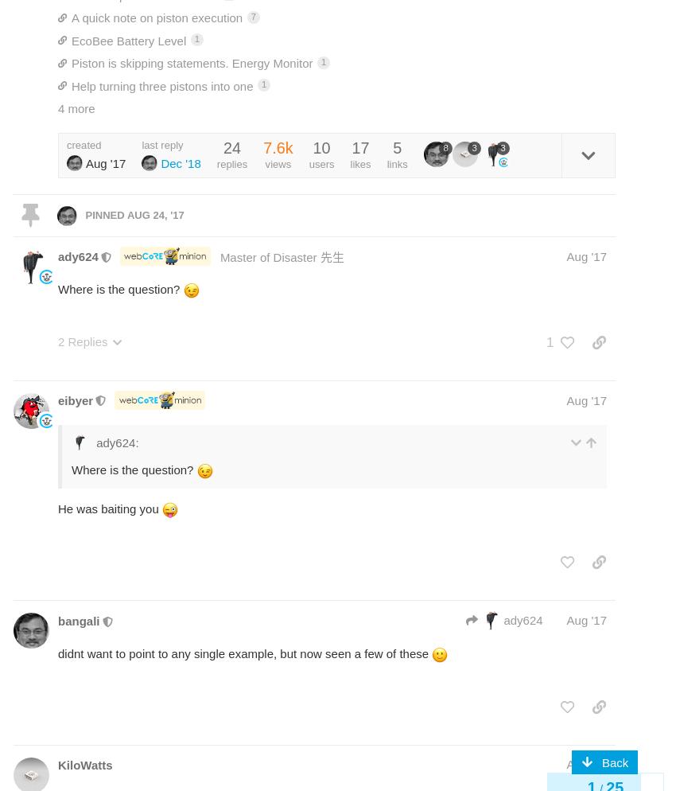  I want to click on 'replies', so click(231, 162).